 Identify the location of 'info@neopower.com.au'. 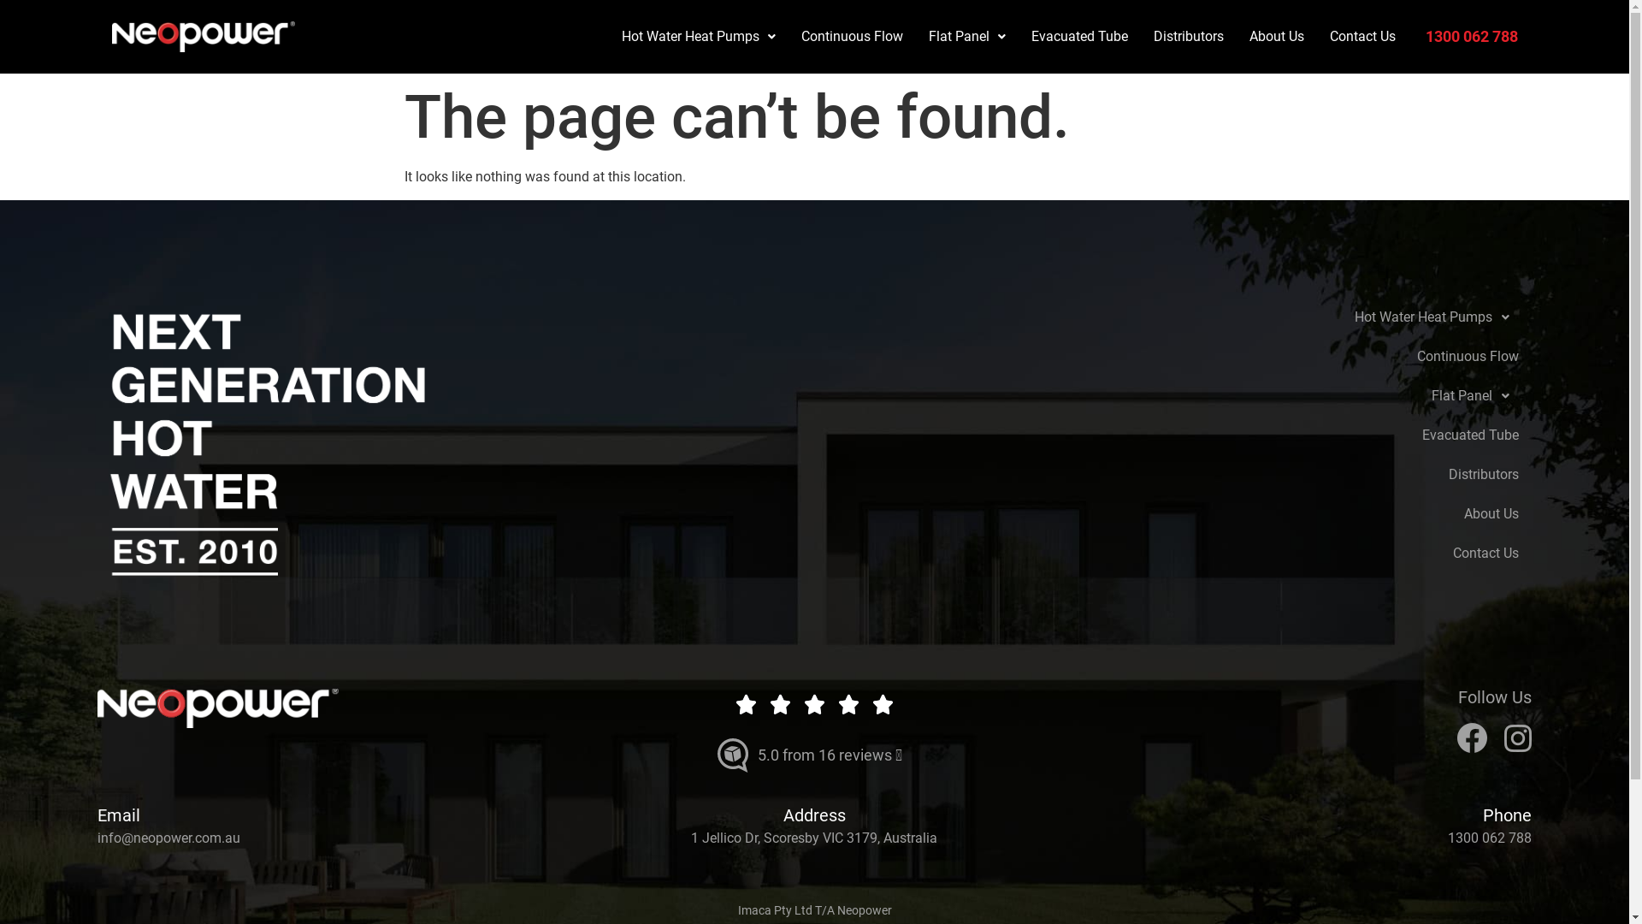
(168, 837).